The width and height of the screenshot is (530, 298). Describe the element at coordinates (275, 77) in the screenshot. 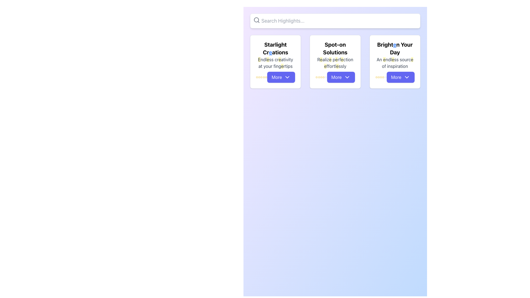

I see `the 'More' button located at the bottom-right corner of the card titled 'Starlight Creations', which enables users` at that location.